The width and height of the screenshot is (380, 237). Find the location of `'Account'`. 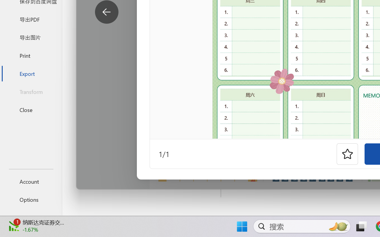

'Account' is located at coordinates (31, 181).